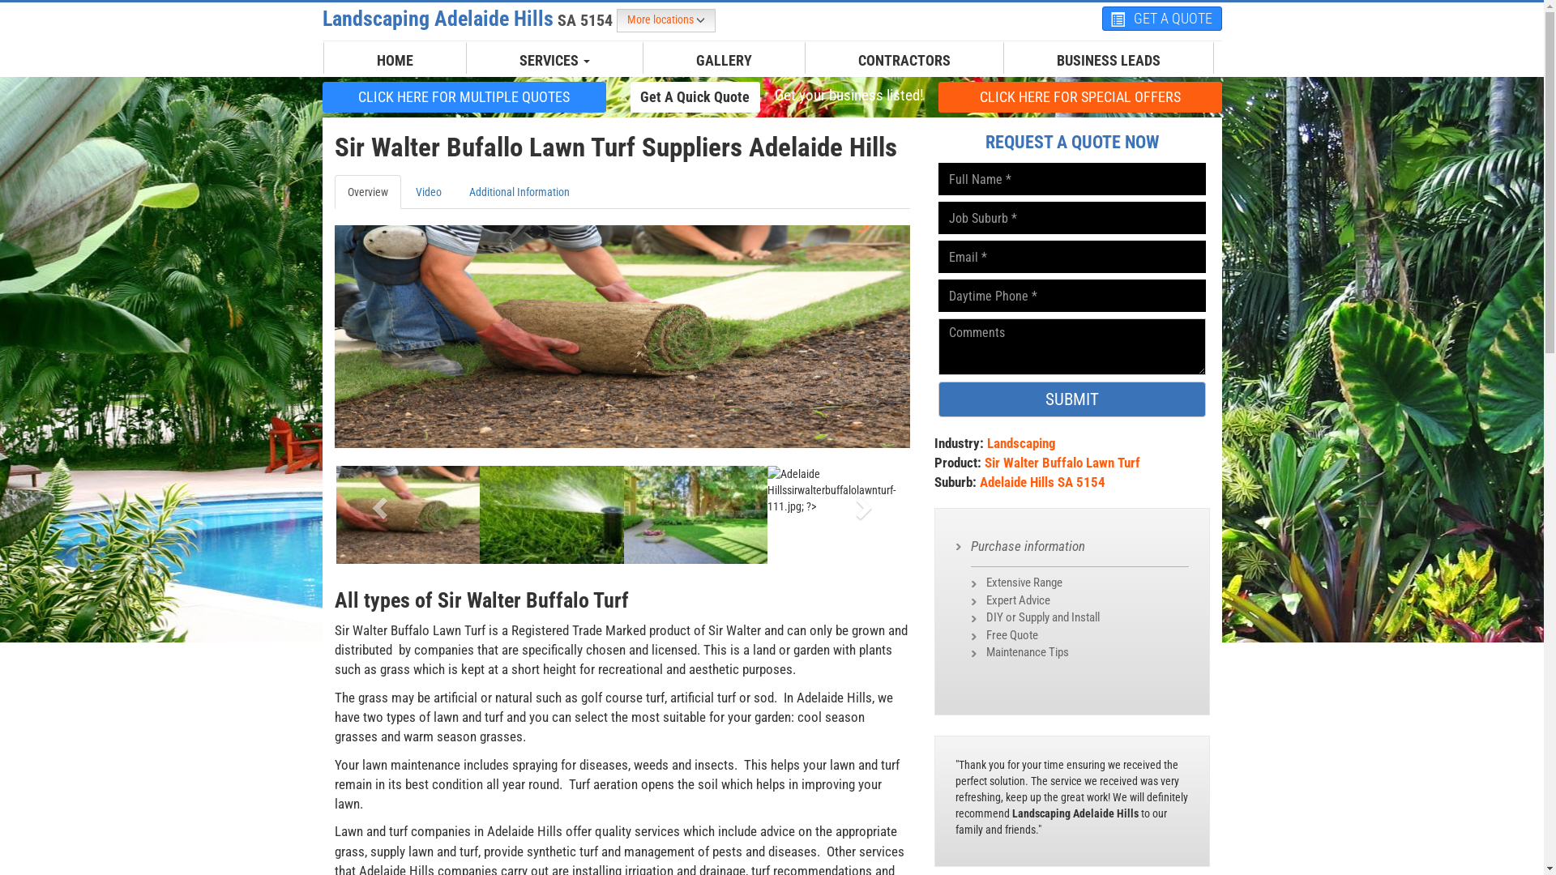 The height and width of the screenshot is (875, 1556). I want to click on 'BUSINESS LEADS', so click(1043, 59).